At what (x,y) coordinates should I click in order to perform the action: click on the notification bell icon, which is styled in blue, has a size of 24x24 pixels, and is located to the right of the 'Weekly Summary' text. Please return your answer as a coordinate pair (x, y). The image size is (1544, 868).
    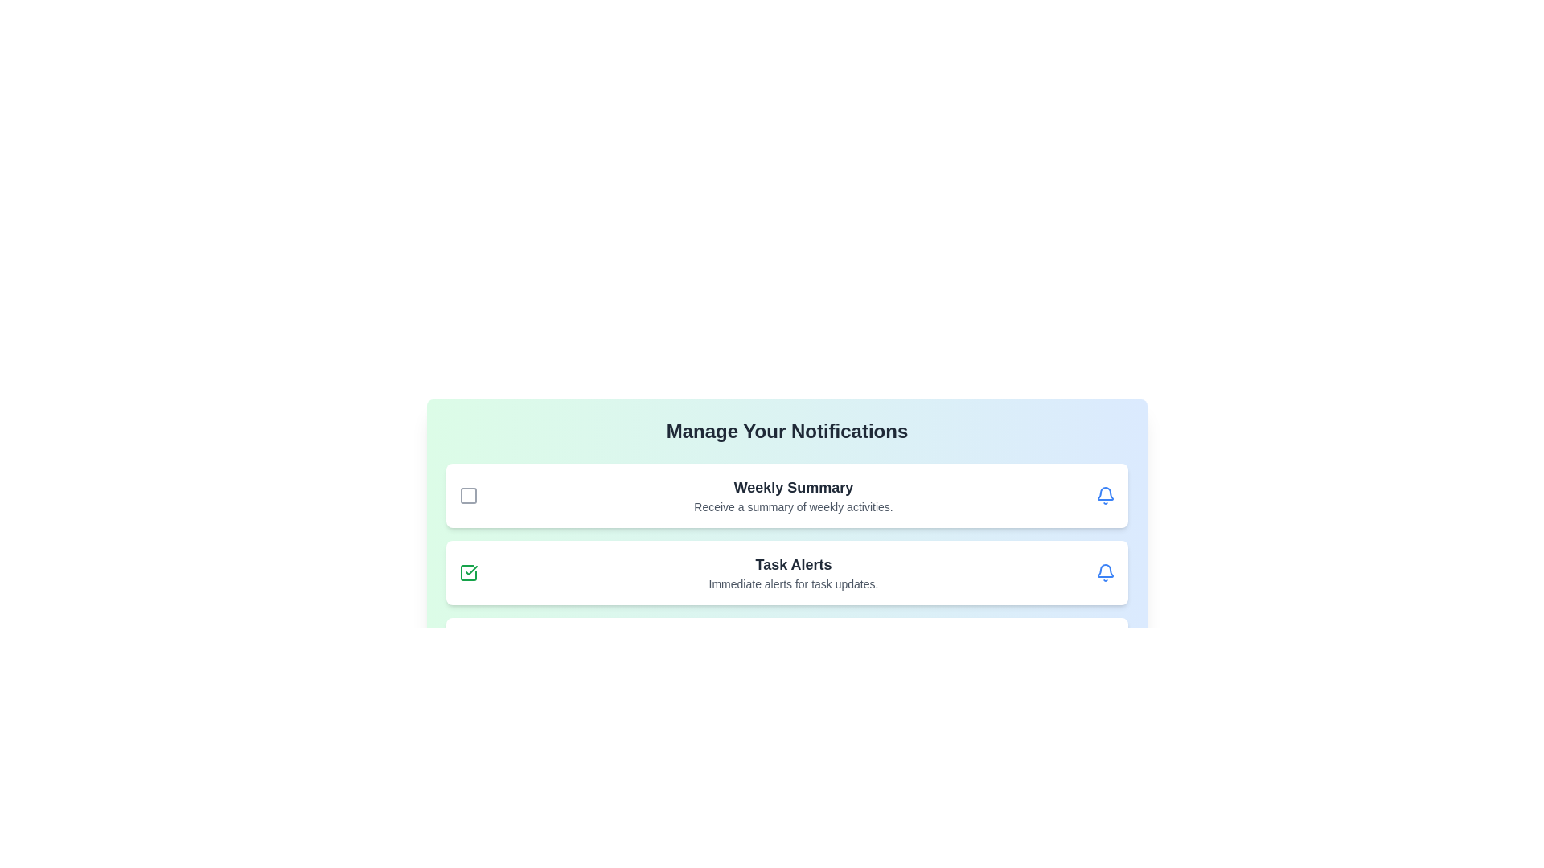
    Looking at the image, I should click on (1104, 495).